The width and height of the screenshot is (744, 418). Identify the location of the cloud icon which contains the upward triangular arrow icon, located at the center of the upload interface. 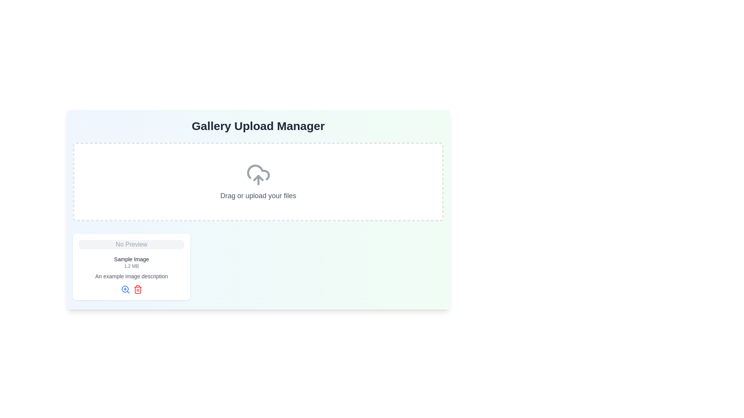
(258, 178).